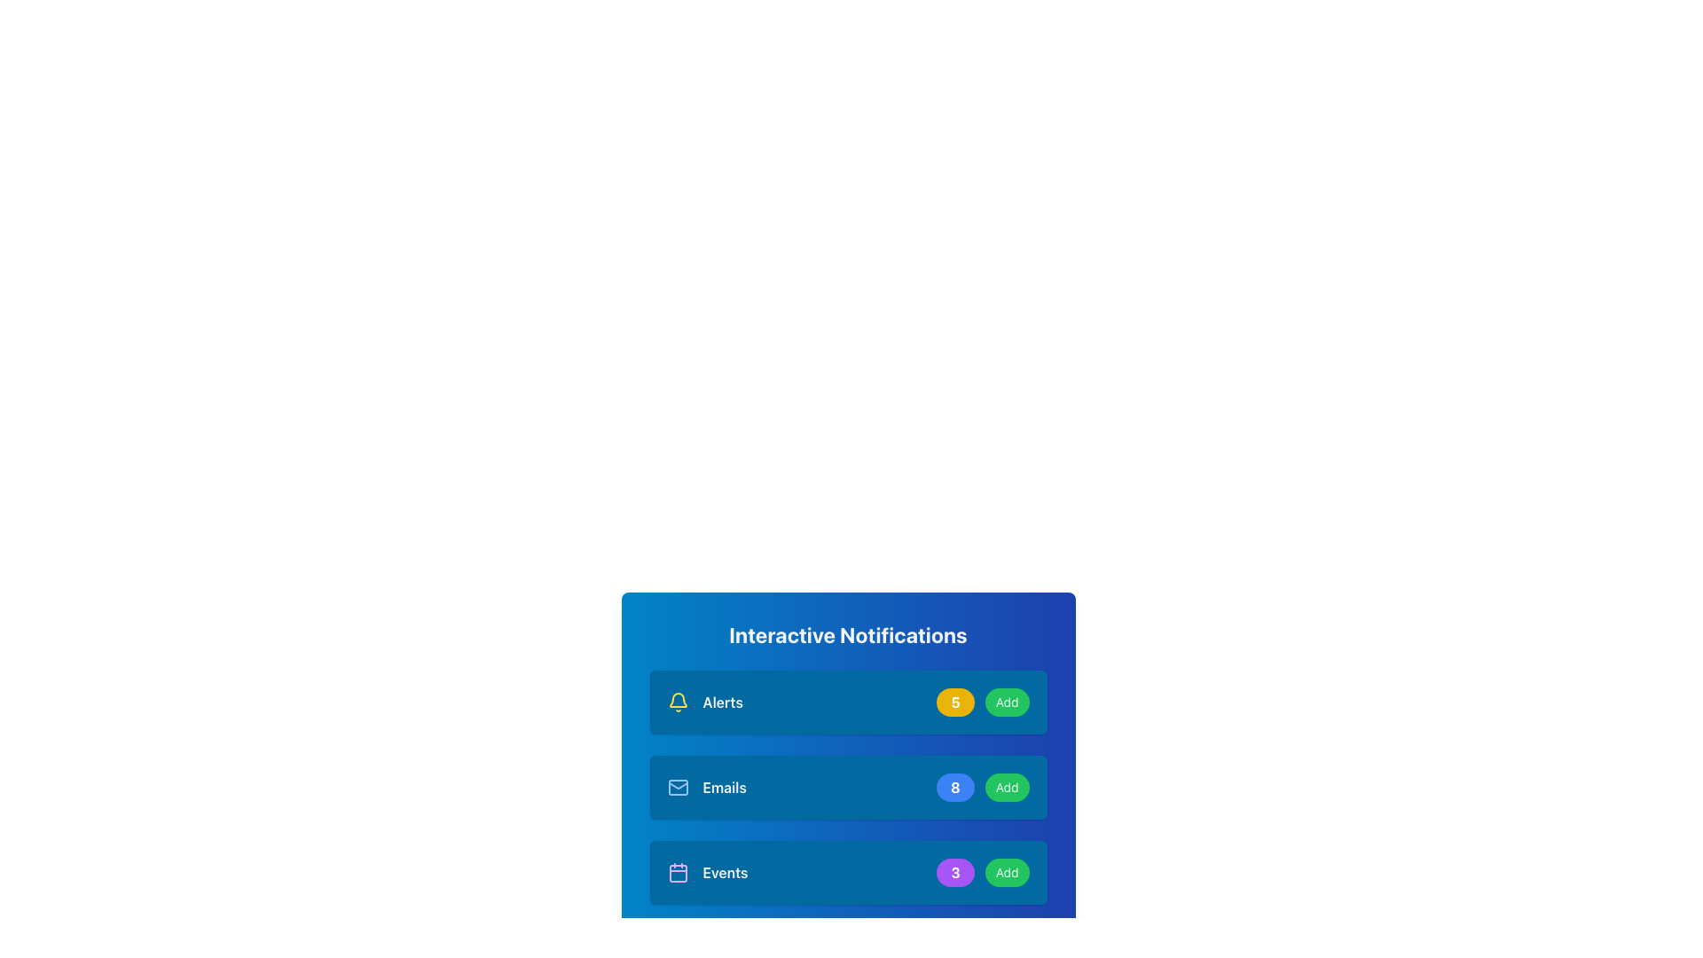  What do you see at coordinates (706, 786) in the screenshot?
I see `the 'Emails' text label with an icon, which is styled in bold typography and is part of a blue rounded rectangle panel` at bounding box center [706, 786].